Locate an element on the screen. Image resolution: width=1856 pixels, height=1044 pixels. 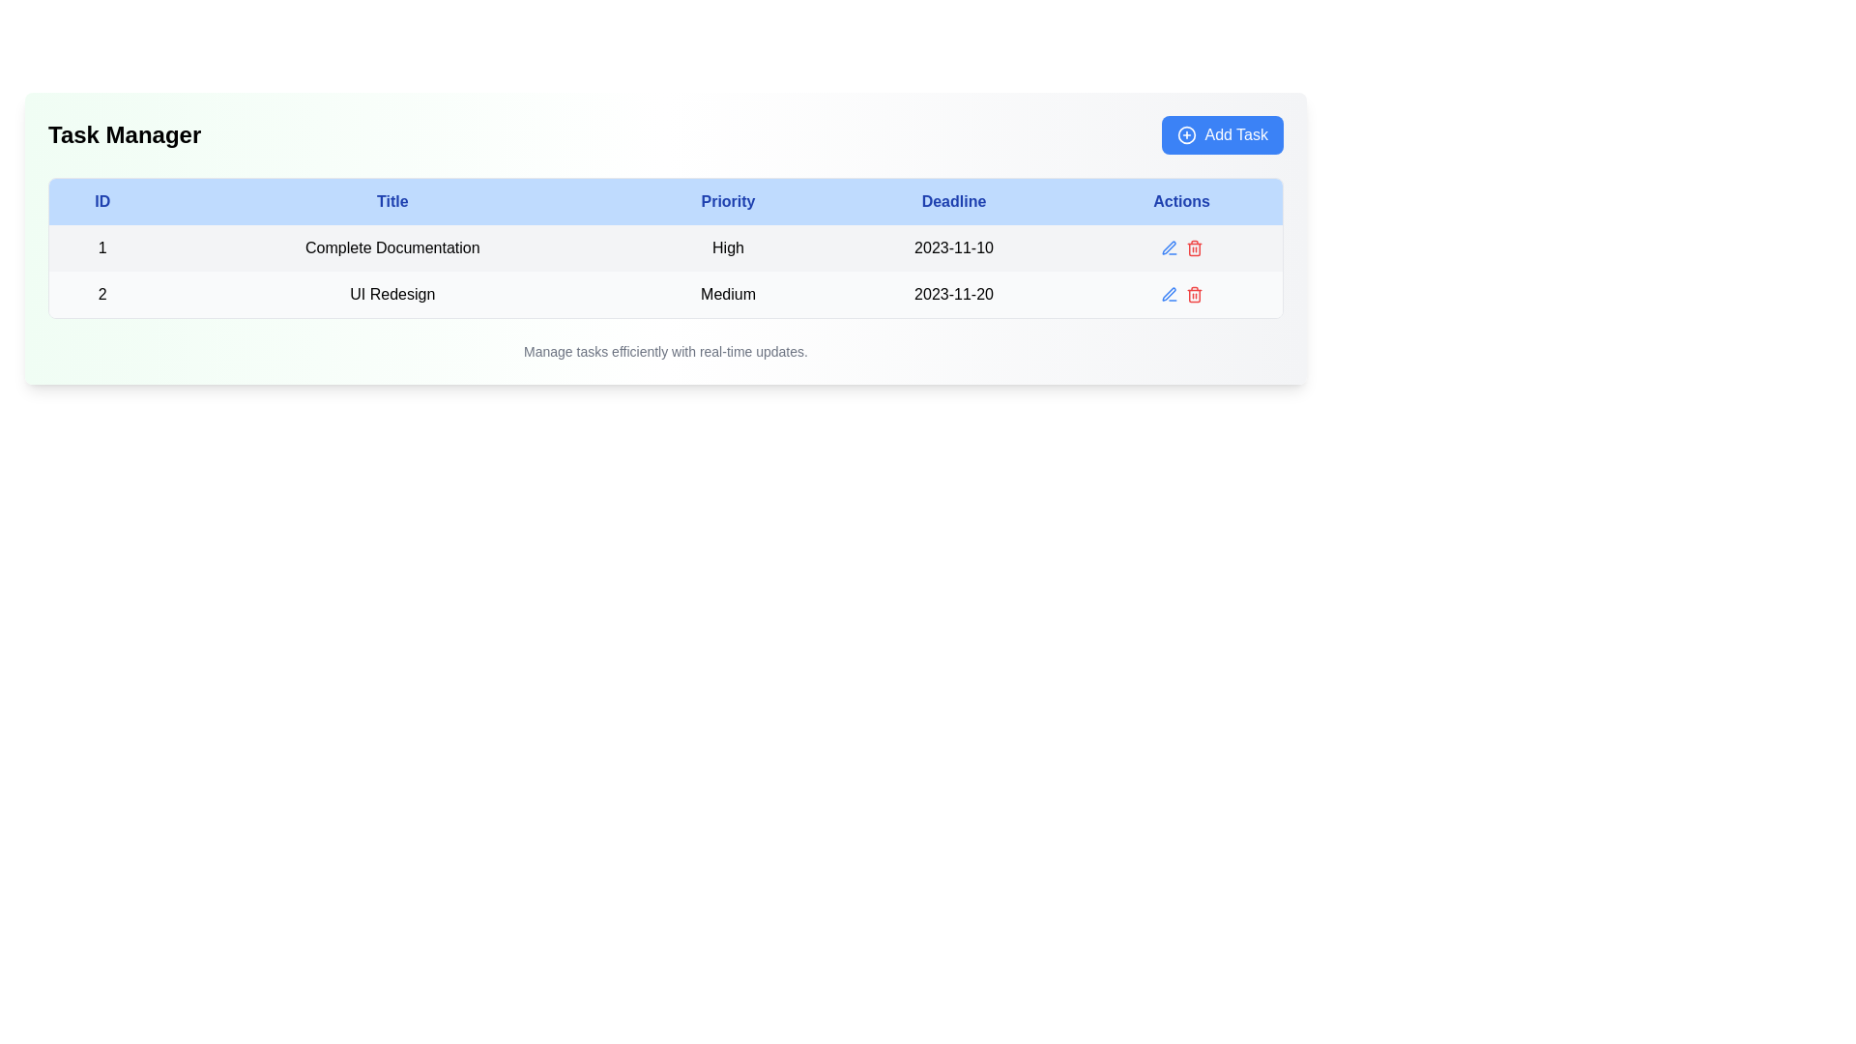
the button in the first row of the table under the 'Actions' column, located between the 'edit' and 'delete' buttons is located at coordinates (1180, 247).